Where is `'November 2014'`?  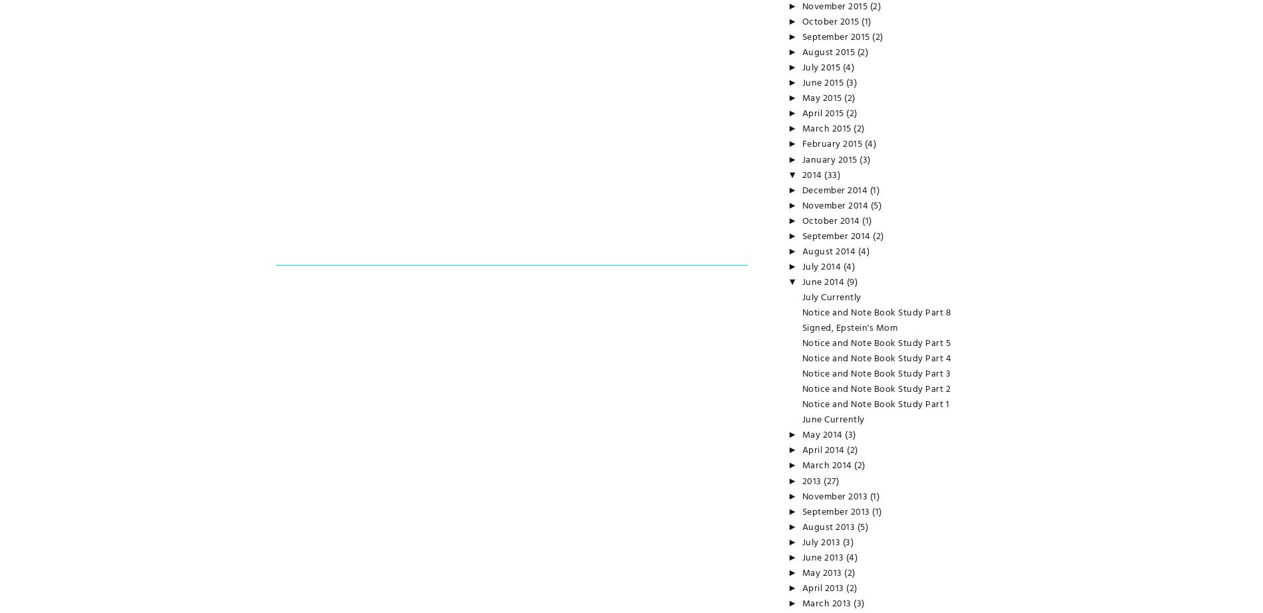
'November 2014' is located at coordinates (835, 205).